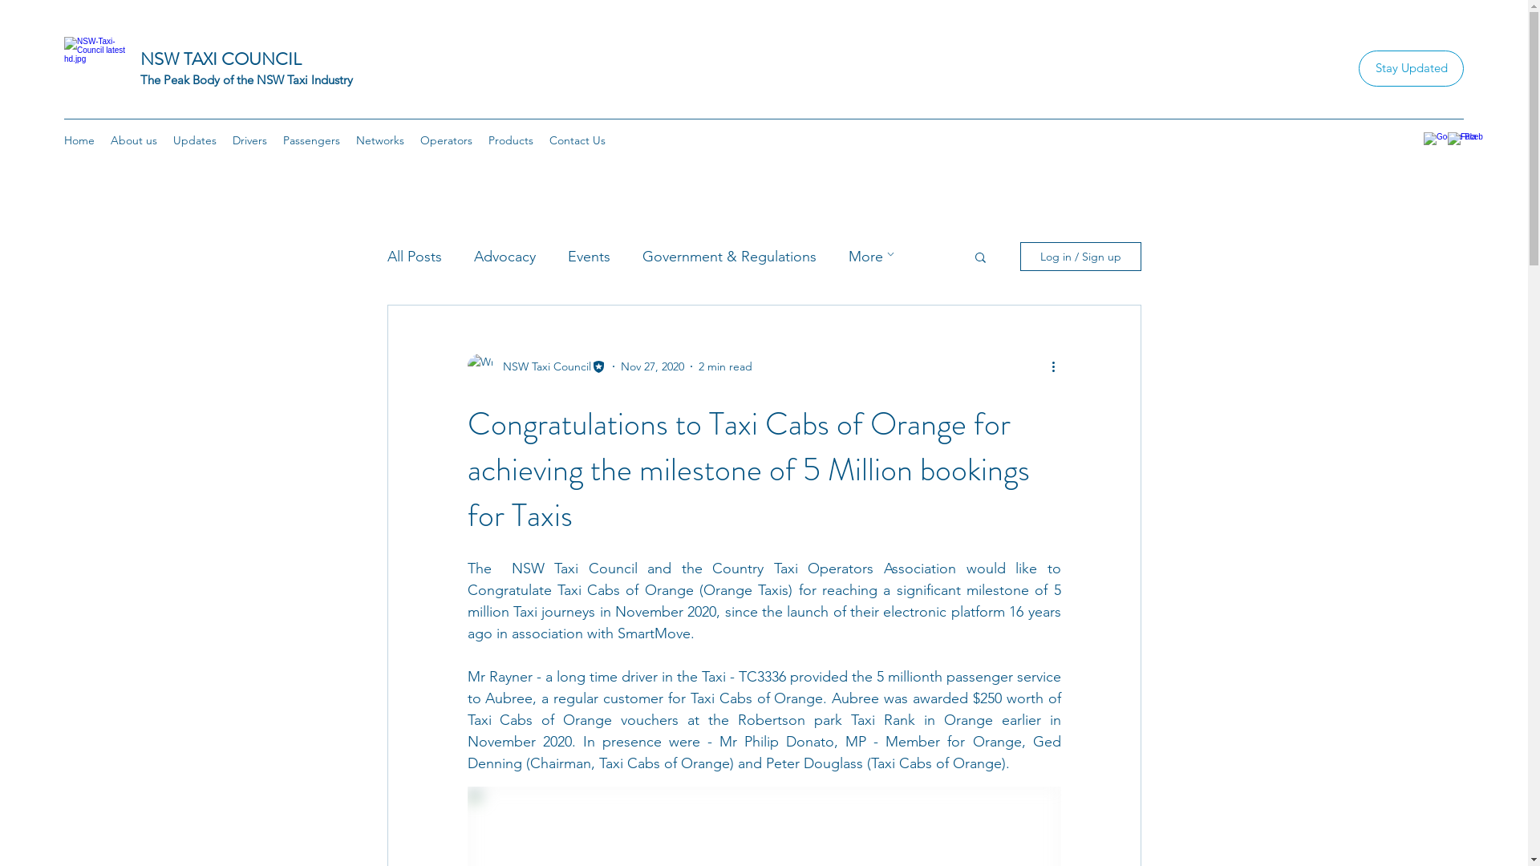 The image size is (1540, 866). What do you see at coordinates (245, 79) in the screenshot?
I see `'The Peak Body of the NSW Taxi Industry'` at bounding box center [245, 79].